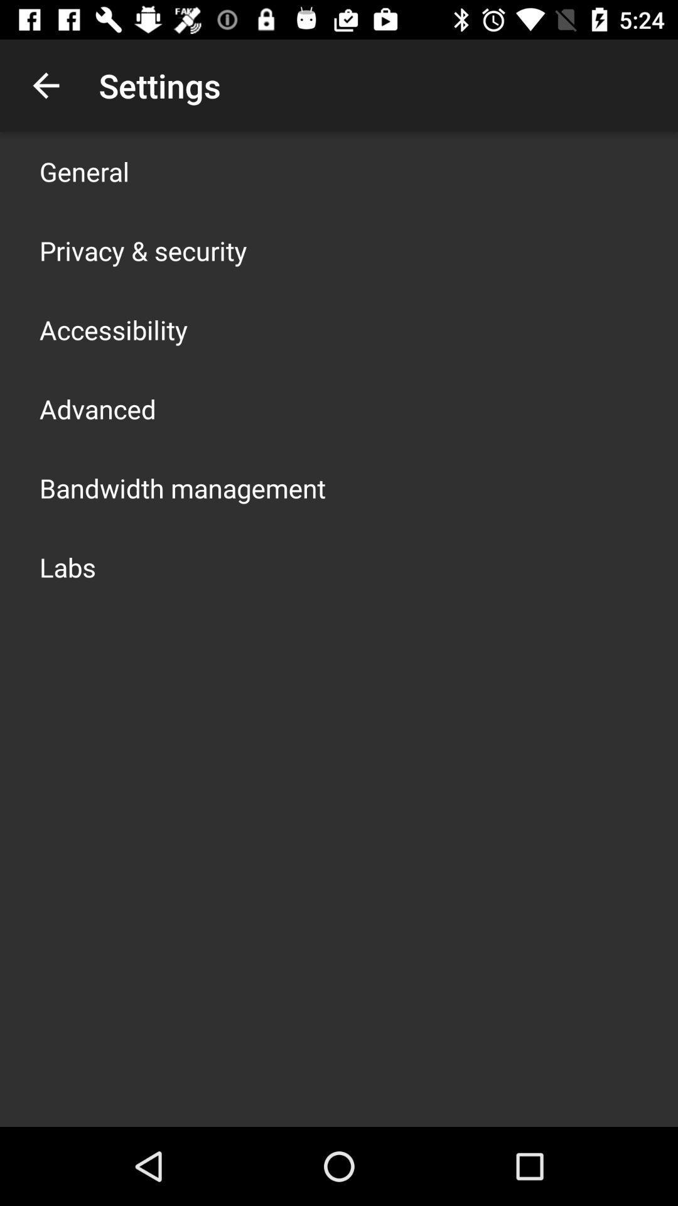  I want to click on icon next to settings icon, so click(45, 85).